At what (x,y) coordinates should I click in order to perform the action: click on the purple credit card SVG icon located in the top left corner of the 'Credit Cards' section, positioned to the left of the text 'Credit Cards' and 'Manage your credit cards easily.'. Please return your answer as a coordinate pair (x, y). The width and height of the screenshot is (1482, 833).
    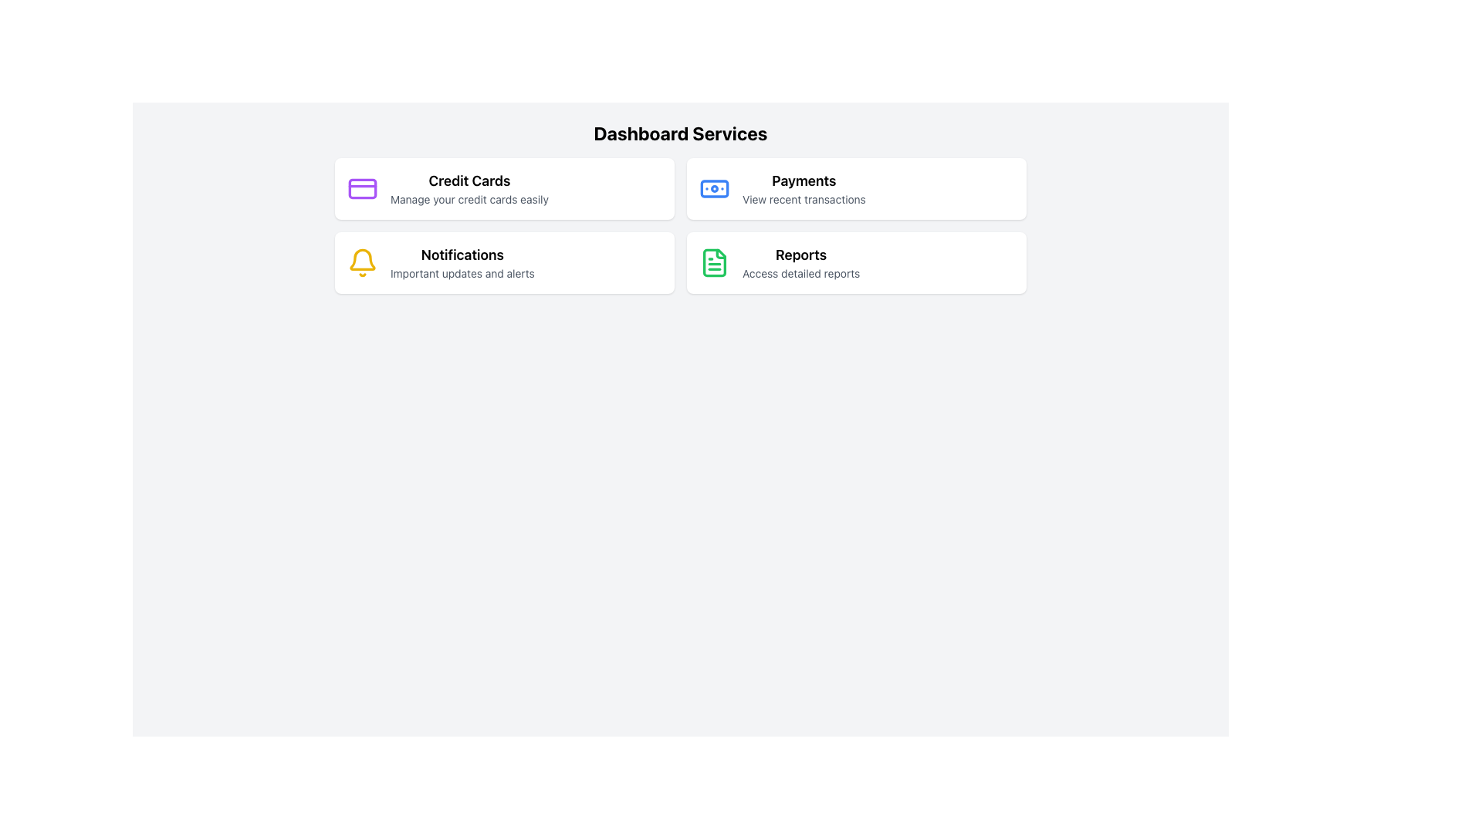
    Looking at the image, I should click on (362, 188).